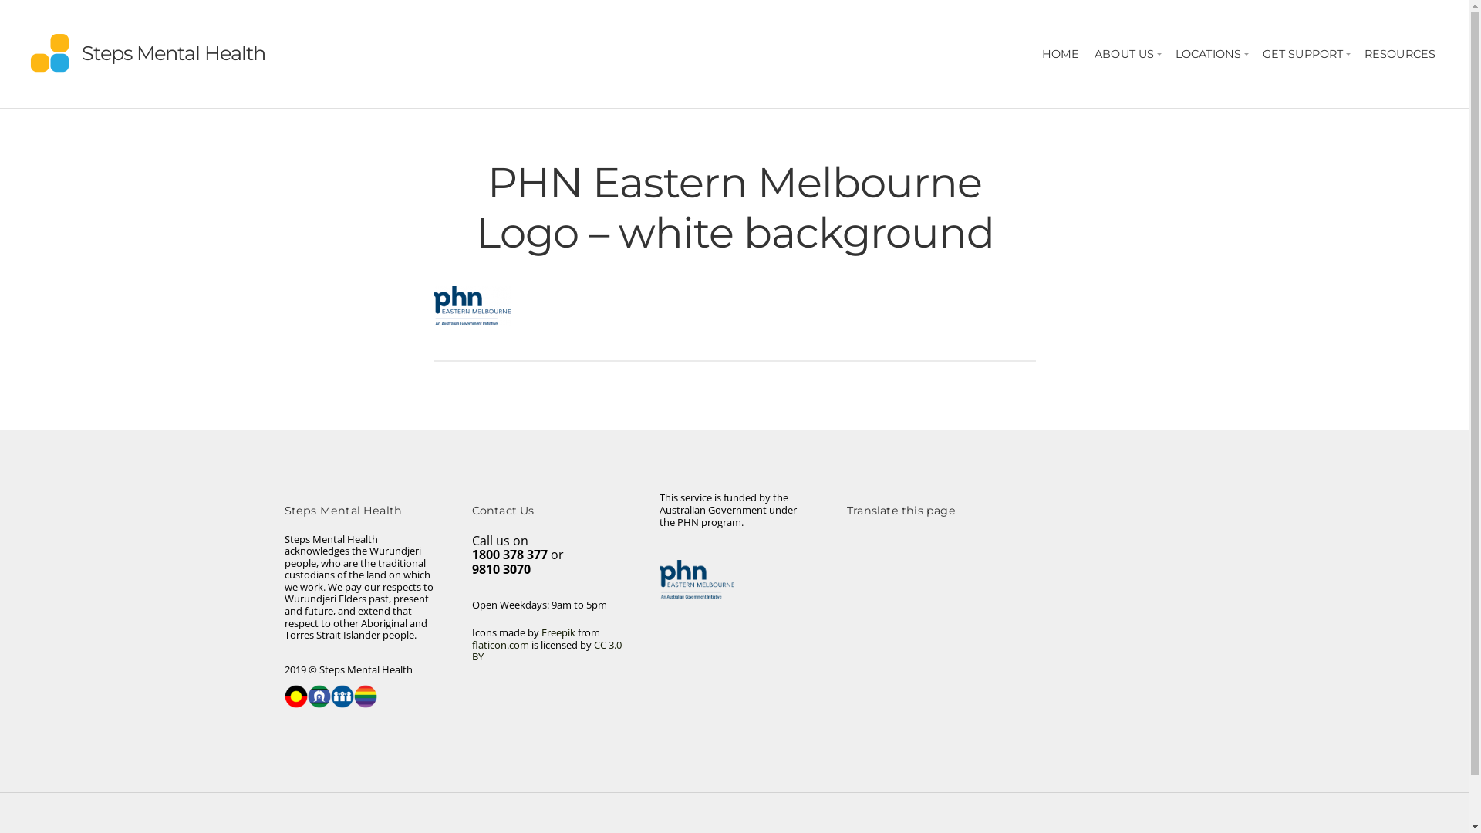  I want to click on 'Steps Mental Health', so click(174, 52).